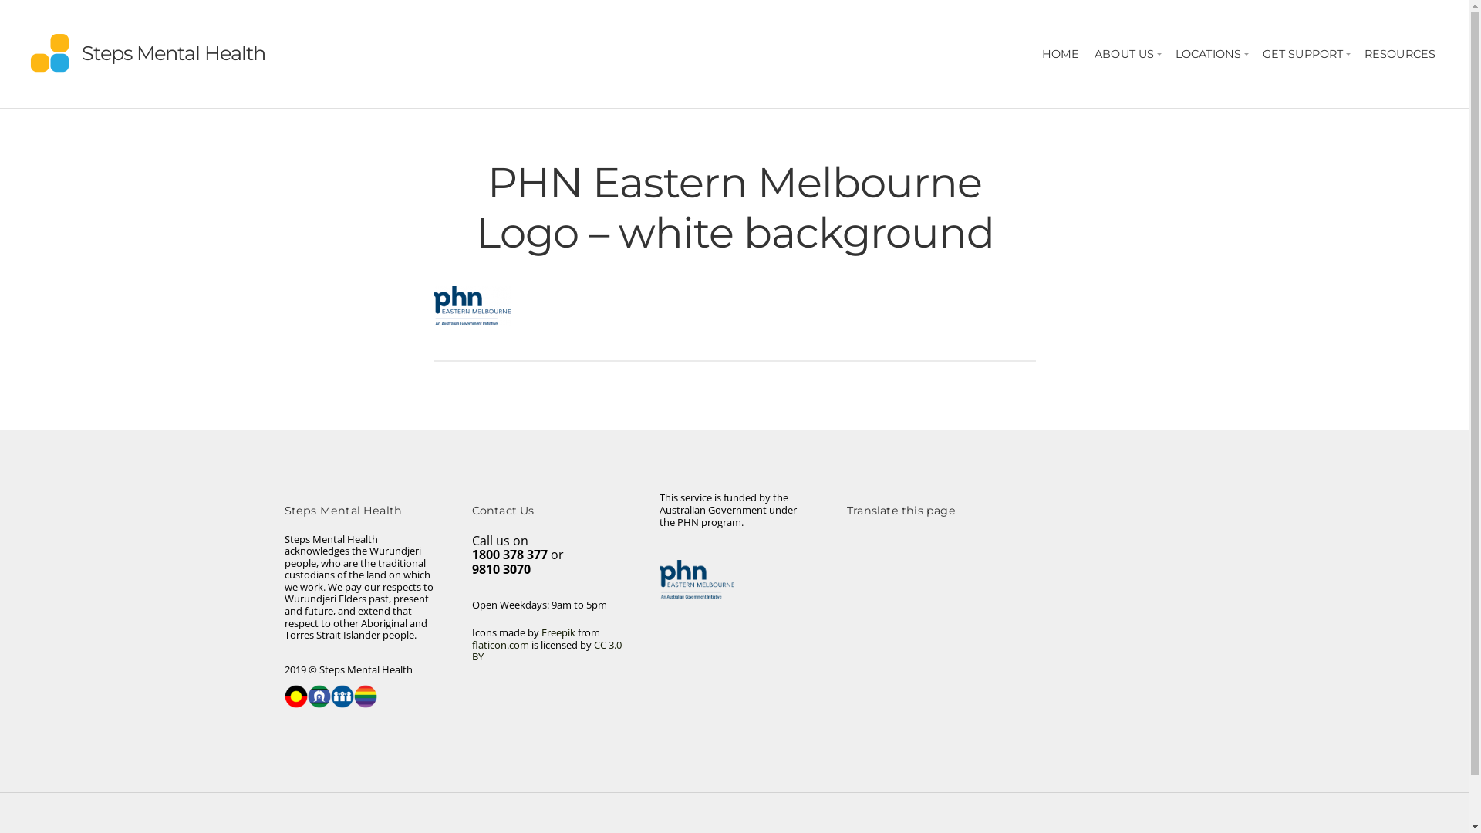  I want to click on 'Steps Mental Health', so click(174, 52).